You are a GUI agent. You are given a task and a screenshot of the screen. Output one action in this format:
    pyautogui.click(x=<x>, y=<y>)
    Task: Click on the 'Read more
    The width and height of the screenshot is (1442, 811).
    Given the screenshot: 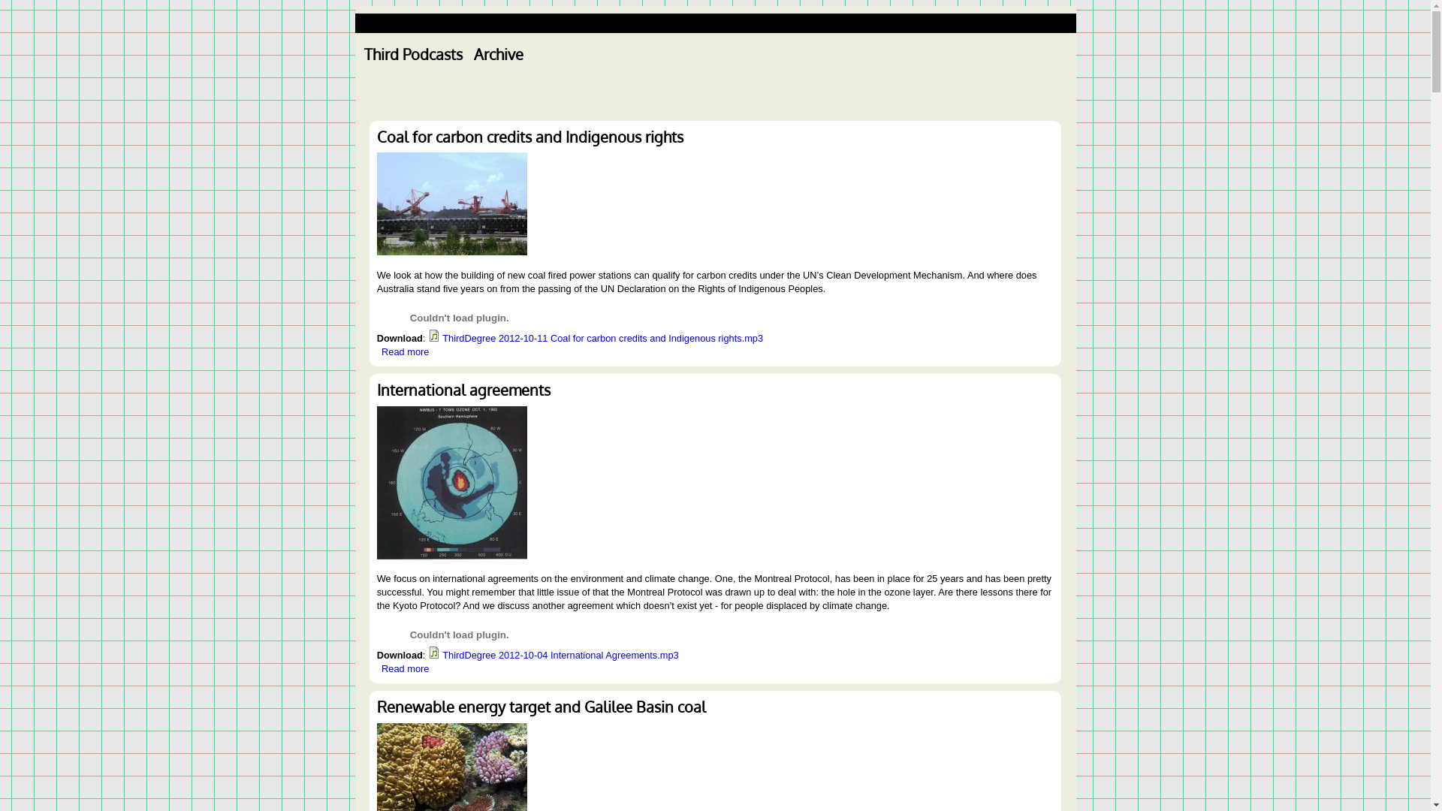 What is the action you would take?
    pyautogui.click(x=405, y=351)
    